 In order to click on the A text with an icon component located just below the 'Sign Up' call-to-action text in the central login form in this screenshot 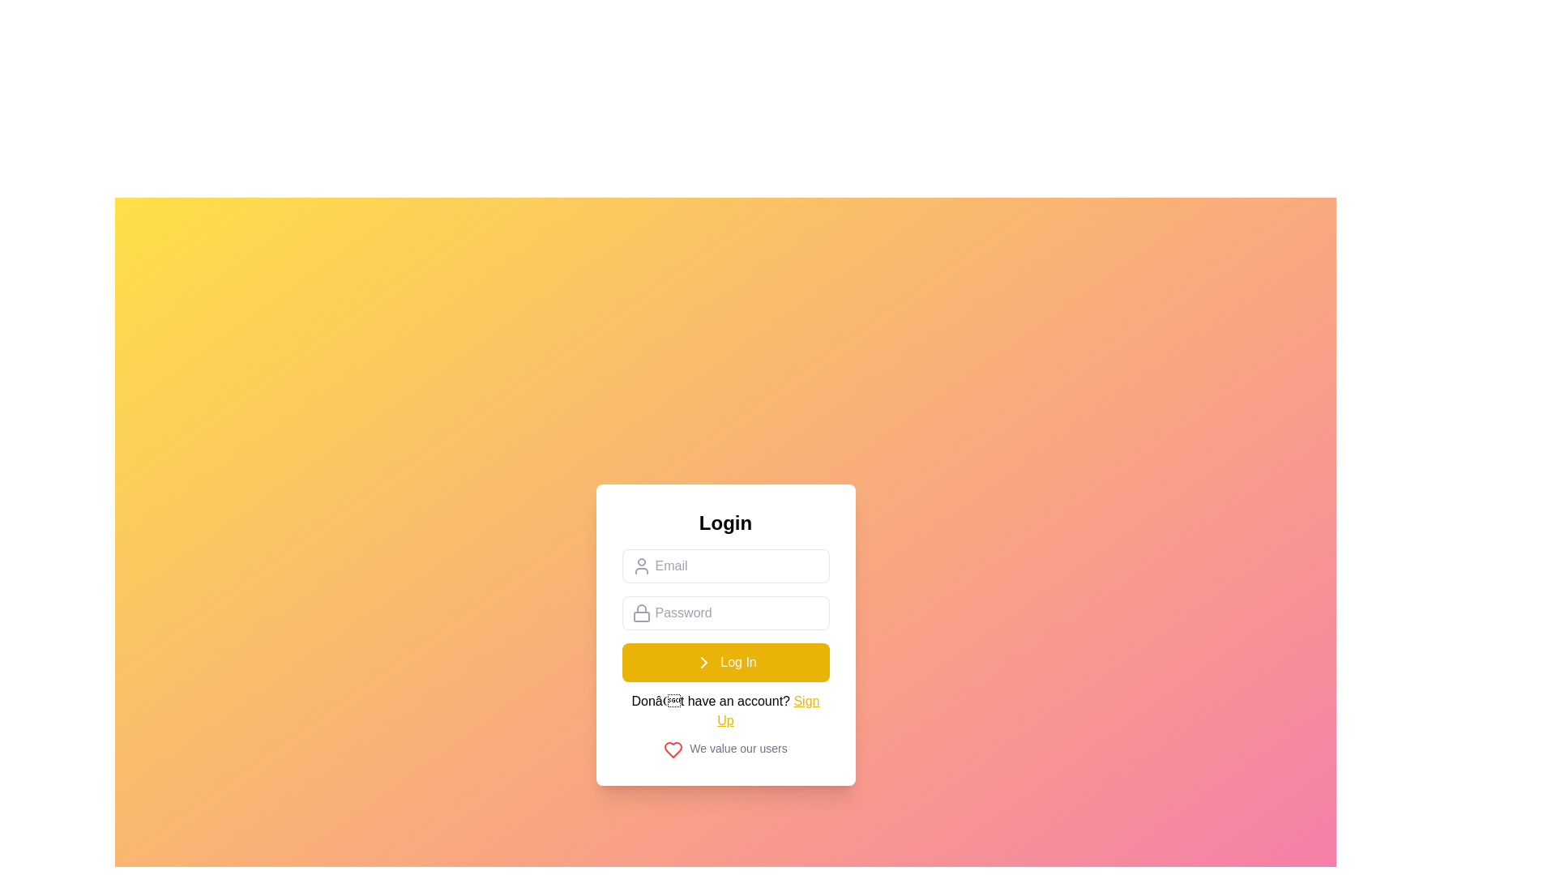, I will do `click(725, 749)`.